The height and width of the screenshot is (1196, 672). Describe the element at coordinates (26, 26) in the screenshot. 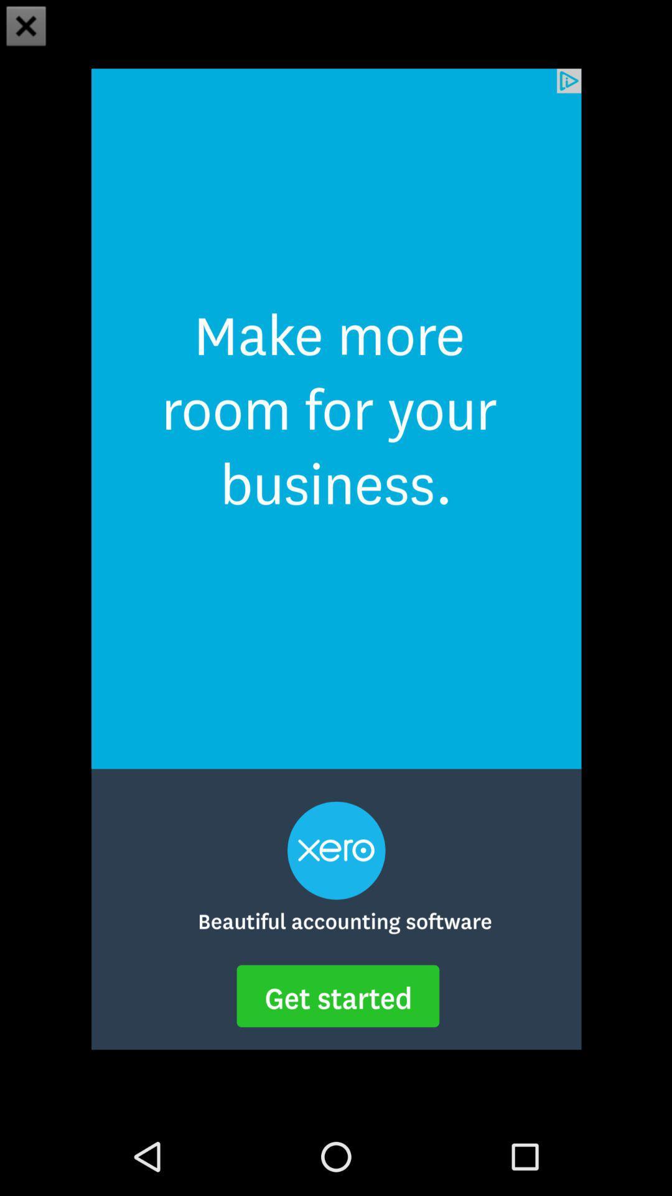

I see `the close icon` at that location.